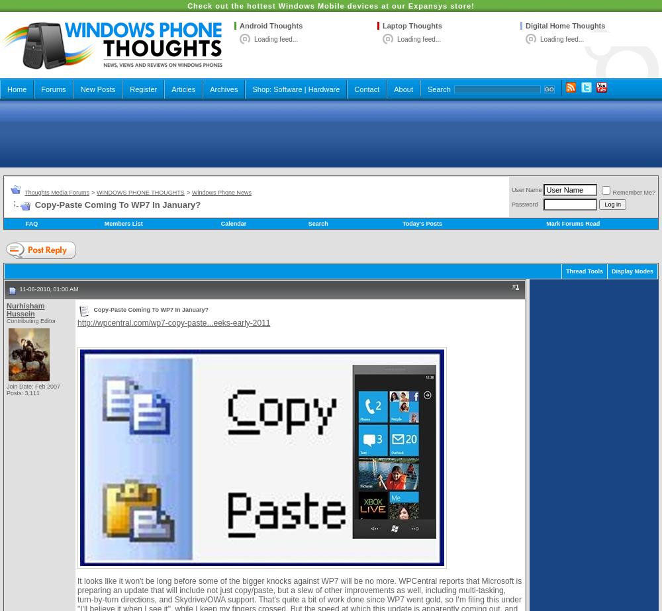 This screenshot has height=611, width=662. Describe the element at coordinates (239, 26) in the screenshot. I see `'Android Thoughts'` at that location.